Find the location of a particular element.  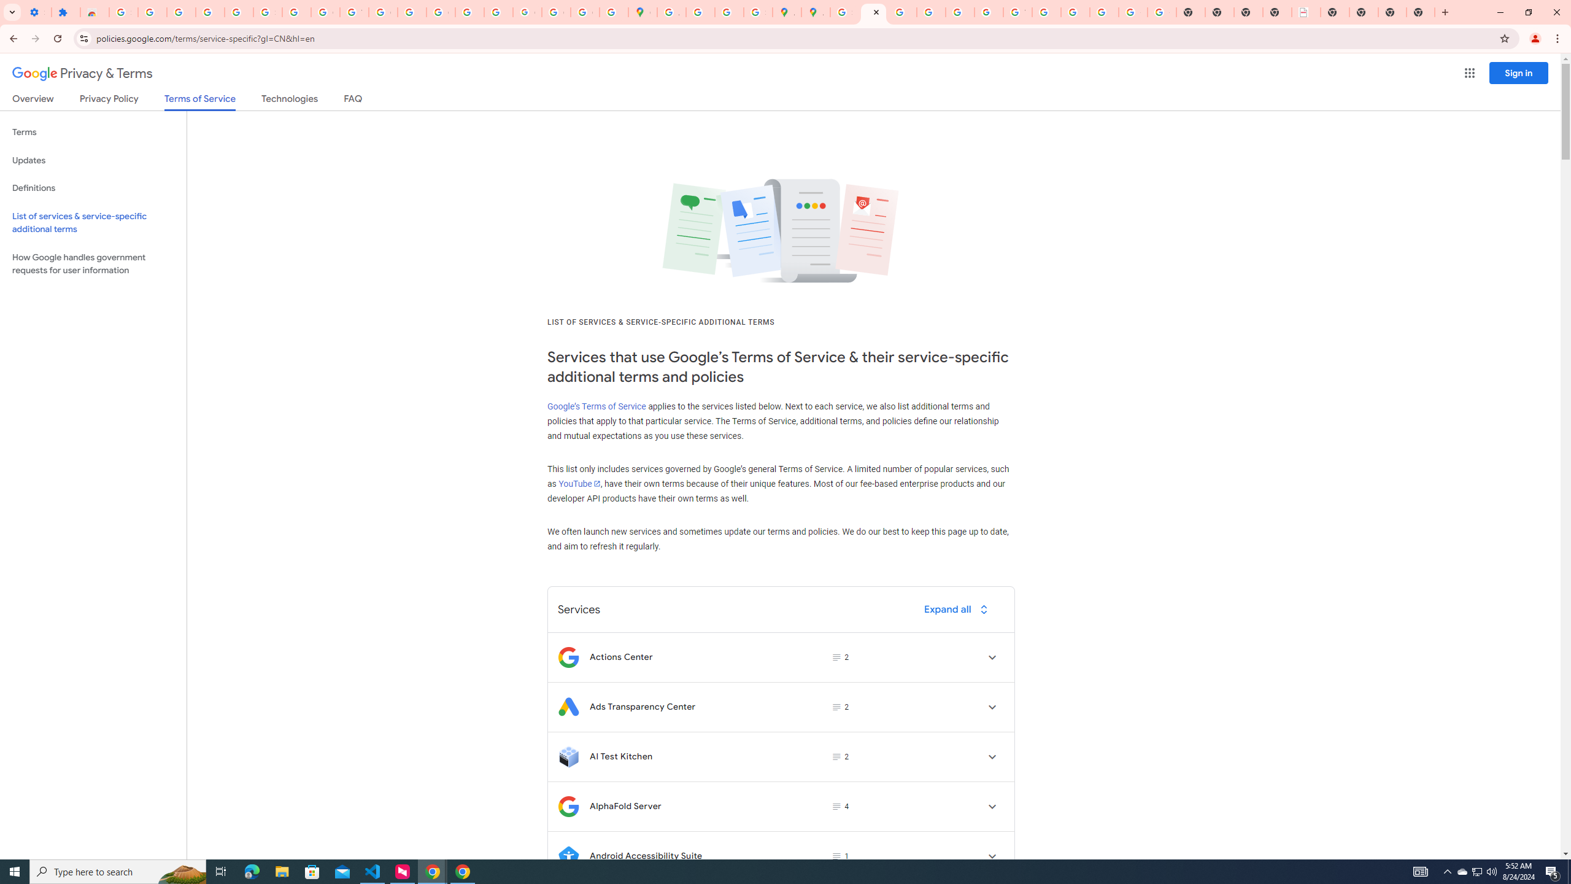

'Logo for Actions Center' is located at coordinates (568, 656).